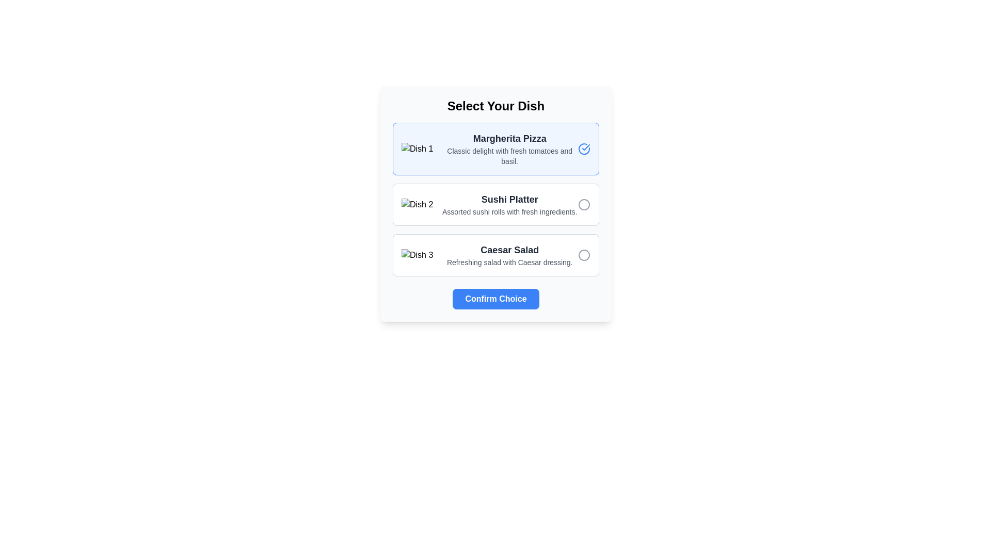 The height and width of the screenshot is (557, 991). What do you see at coordinates (509, 205) in the screenshot?
I see `the text element displaying 'Sushi Platter', which is the second option in the list of selectable items, positioned between 'Margherita Pizza' and 'Caesar Salad'` at bounding box center [509, 205].